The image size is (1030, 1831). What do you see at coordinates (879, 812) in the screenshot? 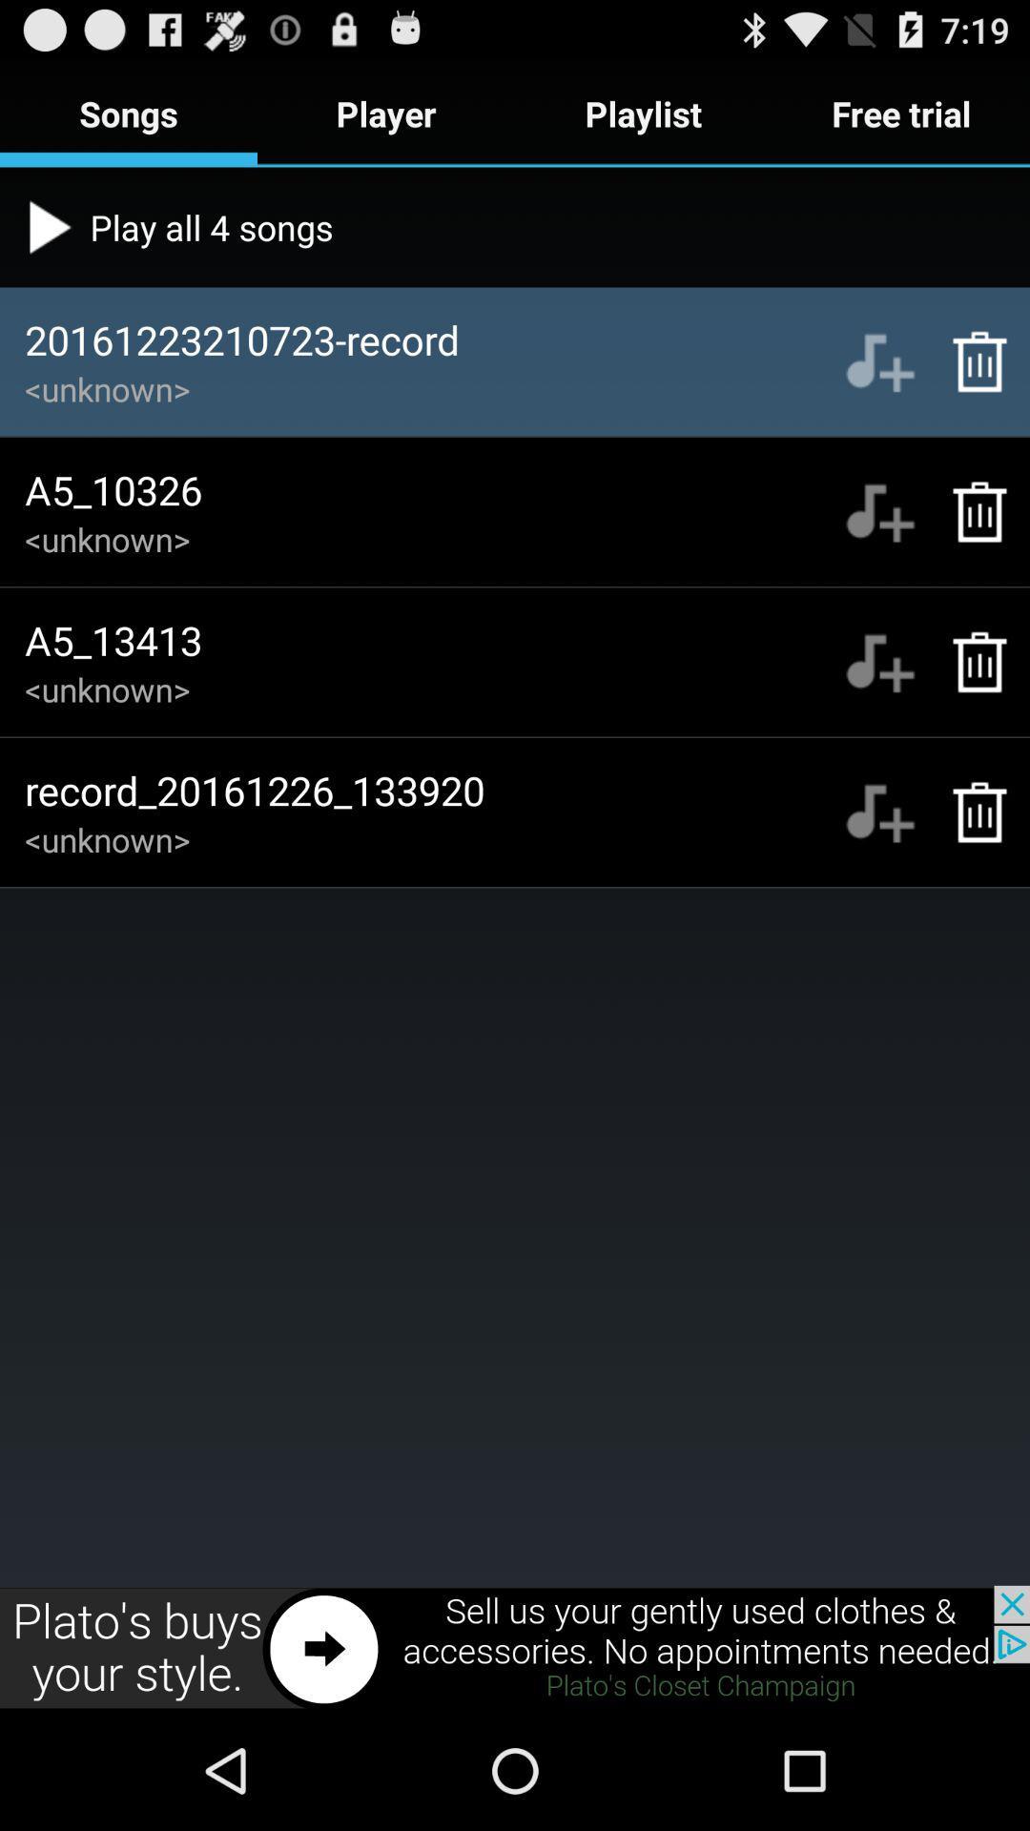
I see `to playlist` at bounding box center [879, 812].